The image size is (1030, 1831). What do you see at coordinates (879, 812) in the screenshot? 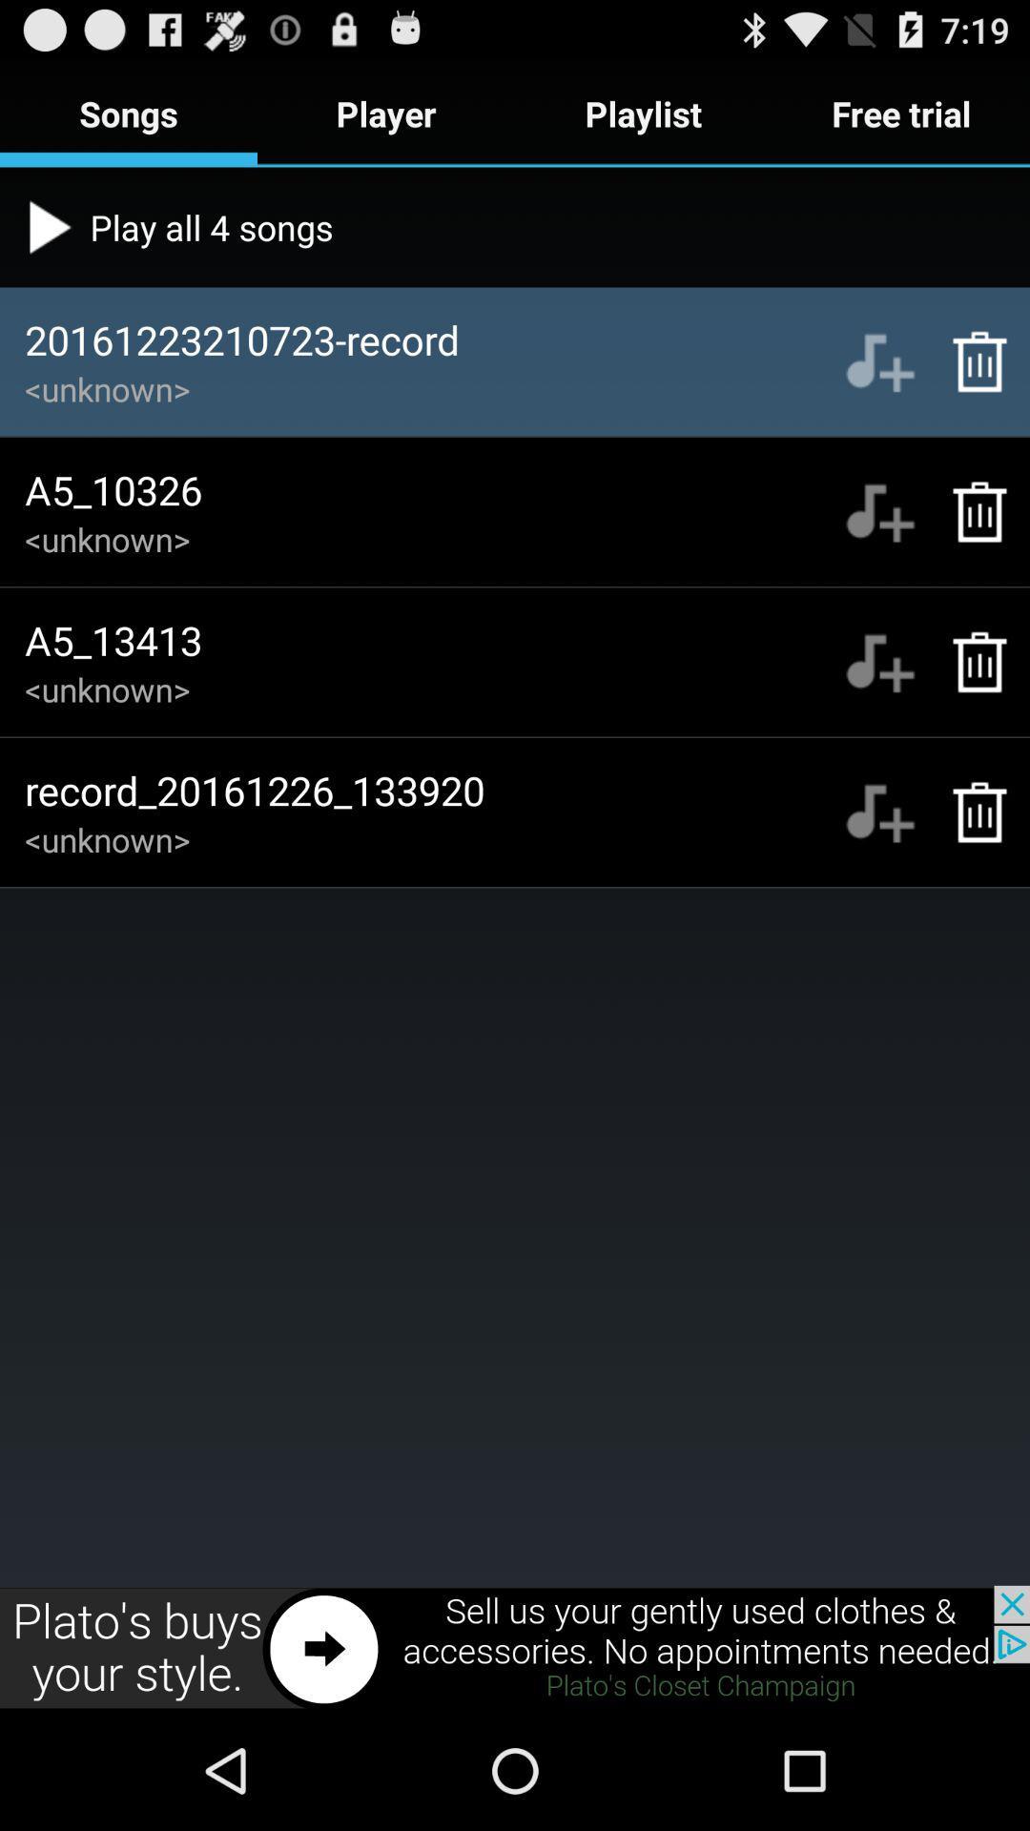
I see `to playlist` at bounding box center [879, 812].